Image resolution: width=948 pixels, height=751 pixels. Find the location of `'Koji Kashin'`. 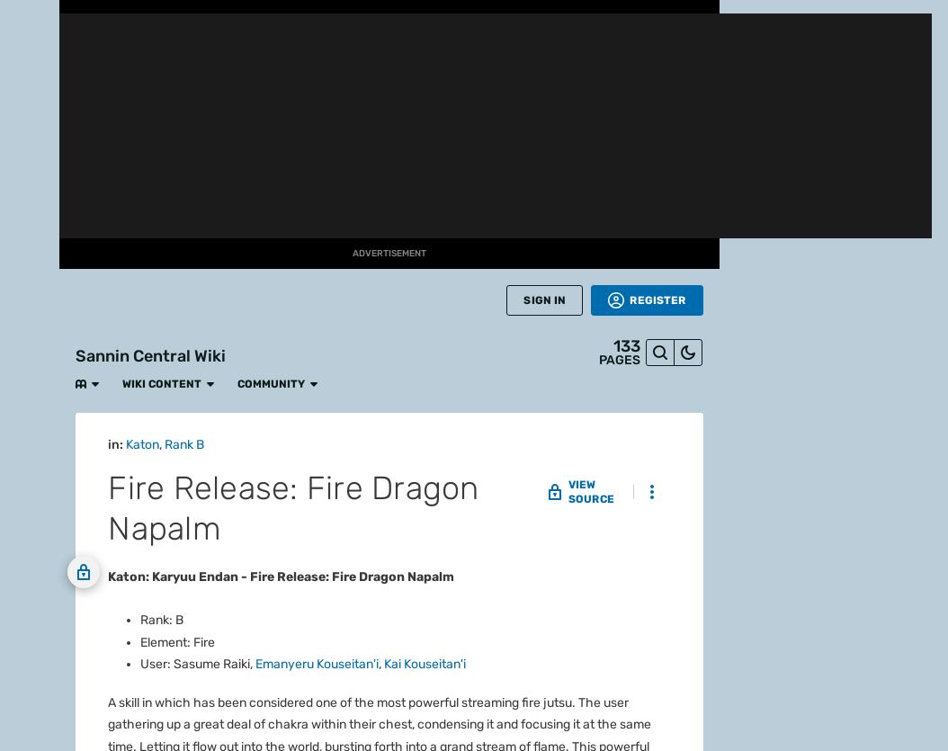

'Koji Kashin' is located at coordinates (354, 182).